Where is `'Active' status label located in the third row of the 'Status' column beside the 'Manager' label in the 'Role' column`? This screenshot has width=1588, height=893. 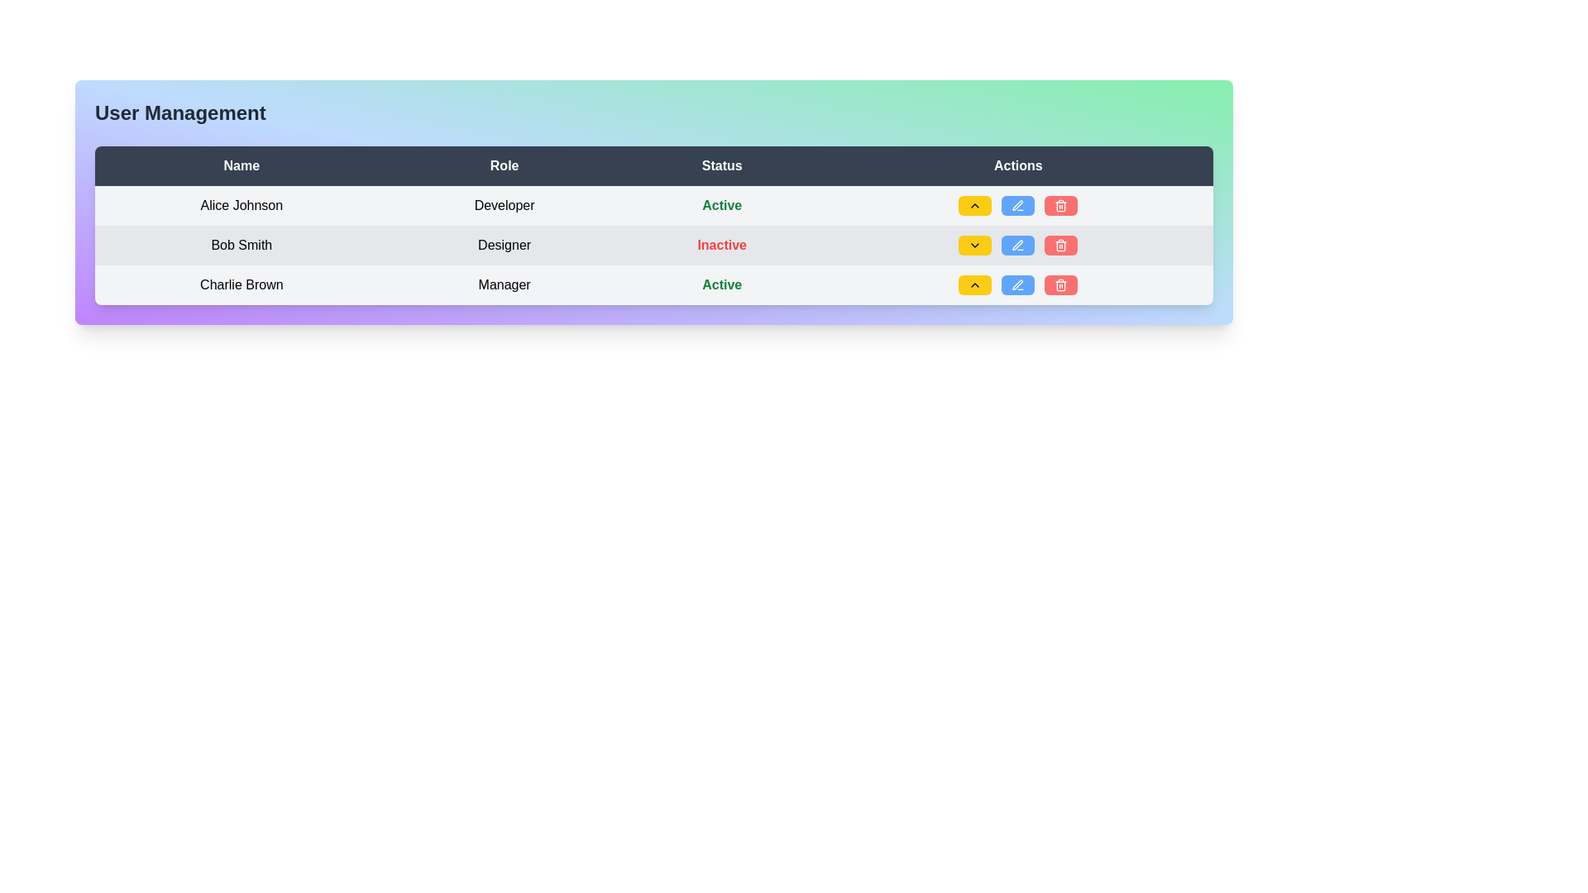 'Active' status label located in the third row of the 'Status' column beside the 'Manager' label in the 'Role' column is located at coordinates (722, 284).